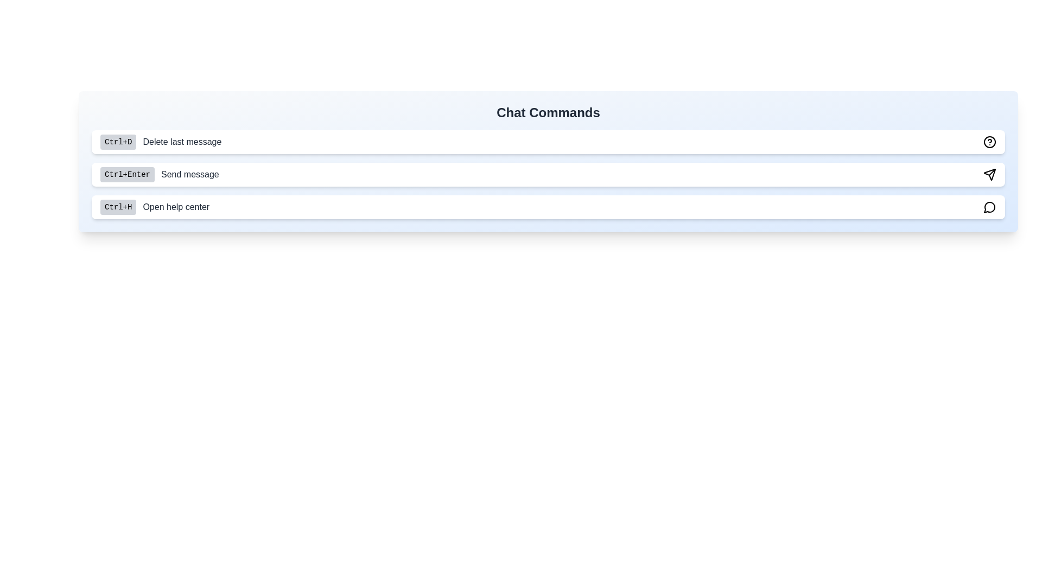 The width and height of the screenshot is (1042, 586). What do you see at coordinates (159, 174) in the screenshot?
I see `the instructional text element that indicates 'Ctrl+Enter' as a keyboard shortcut for sending messages, which is the second item in a list` at bounding box center [159, 174].